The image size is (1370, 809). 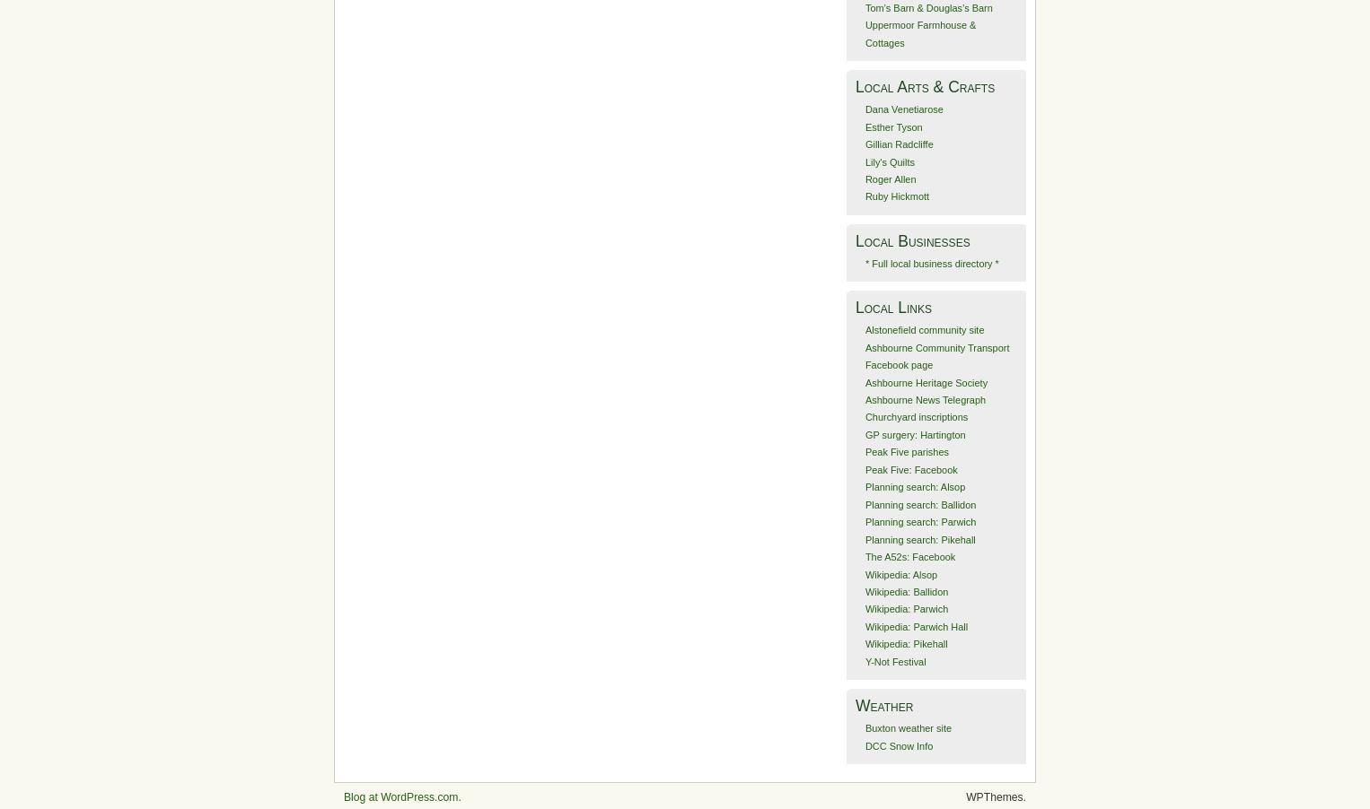 I want to click on 'Weather', so click(x=883, y=704).